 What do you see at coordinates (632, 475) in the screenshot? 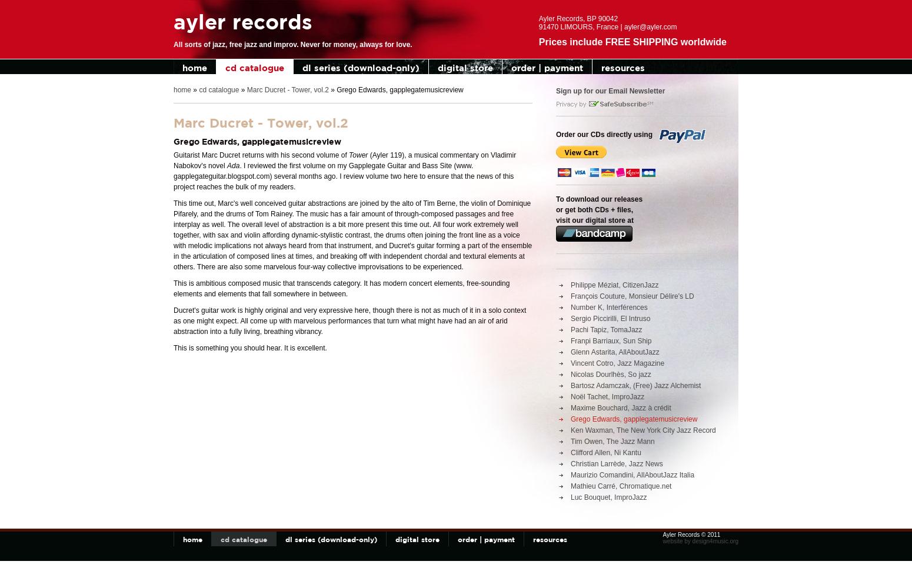
I see `'Maurizio Comandini, AllAboutJazz Italia'` at bounding box center [632, 475].